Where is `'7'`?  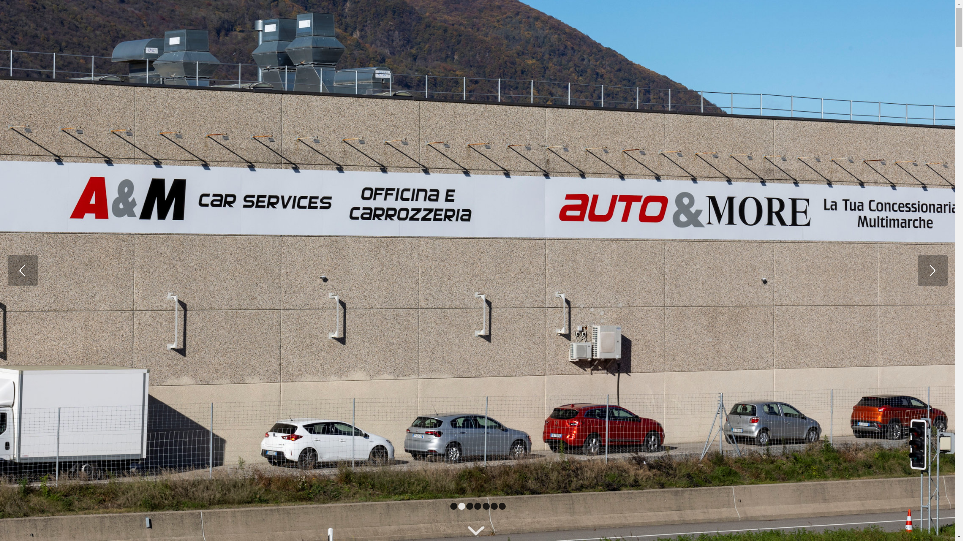
'7' is located at coordinates (502, 506).